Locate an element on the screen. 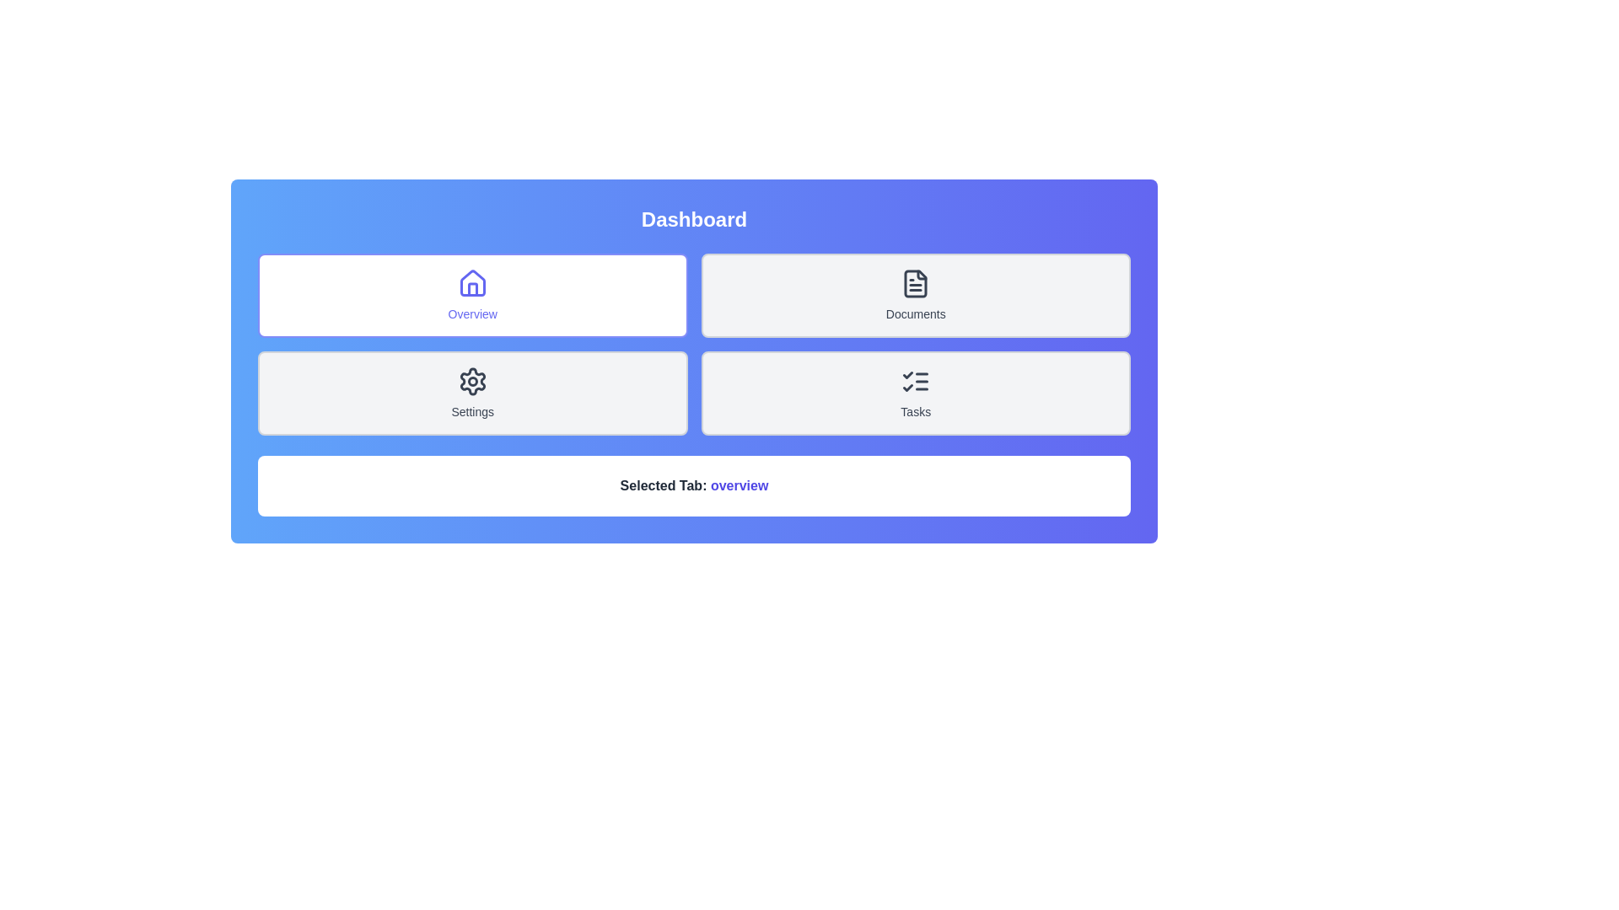  the top part of the document icon that simulates a folded corner, located in the top-right quadrant of the user interface is located at coordinates (921, 274).